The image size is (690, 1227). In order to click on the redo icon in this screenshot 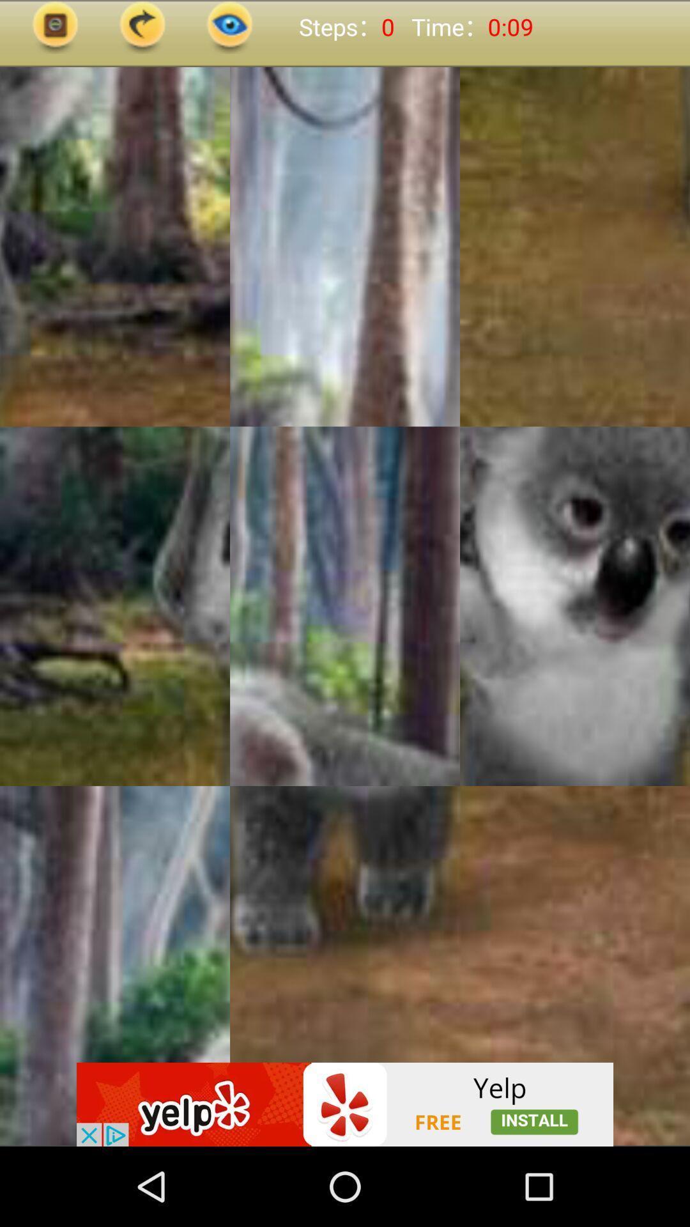, I will do `click(142, 27)`.